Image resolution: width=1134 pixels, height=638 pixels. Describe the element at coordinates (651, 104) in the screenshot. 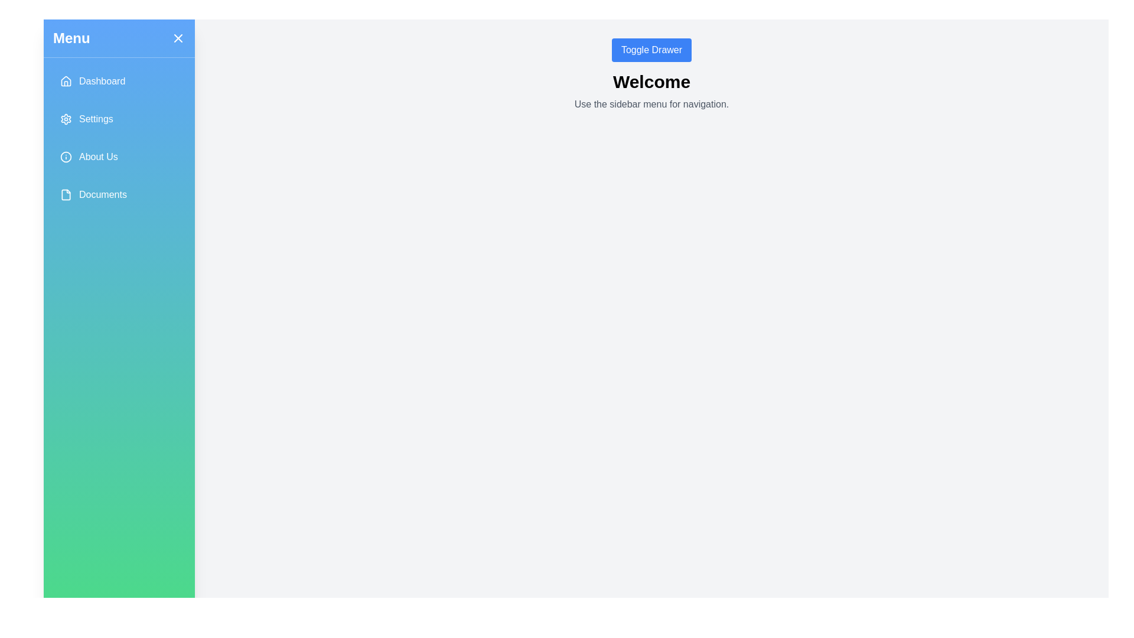

I see `the introductory text area to read it` at that location.